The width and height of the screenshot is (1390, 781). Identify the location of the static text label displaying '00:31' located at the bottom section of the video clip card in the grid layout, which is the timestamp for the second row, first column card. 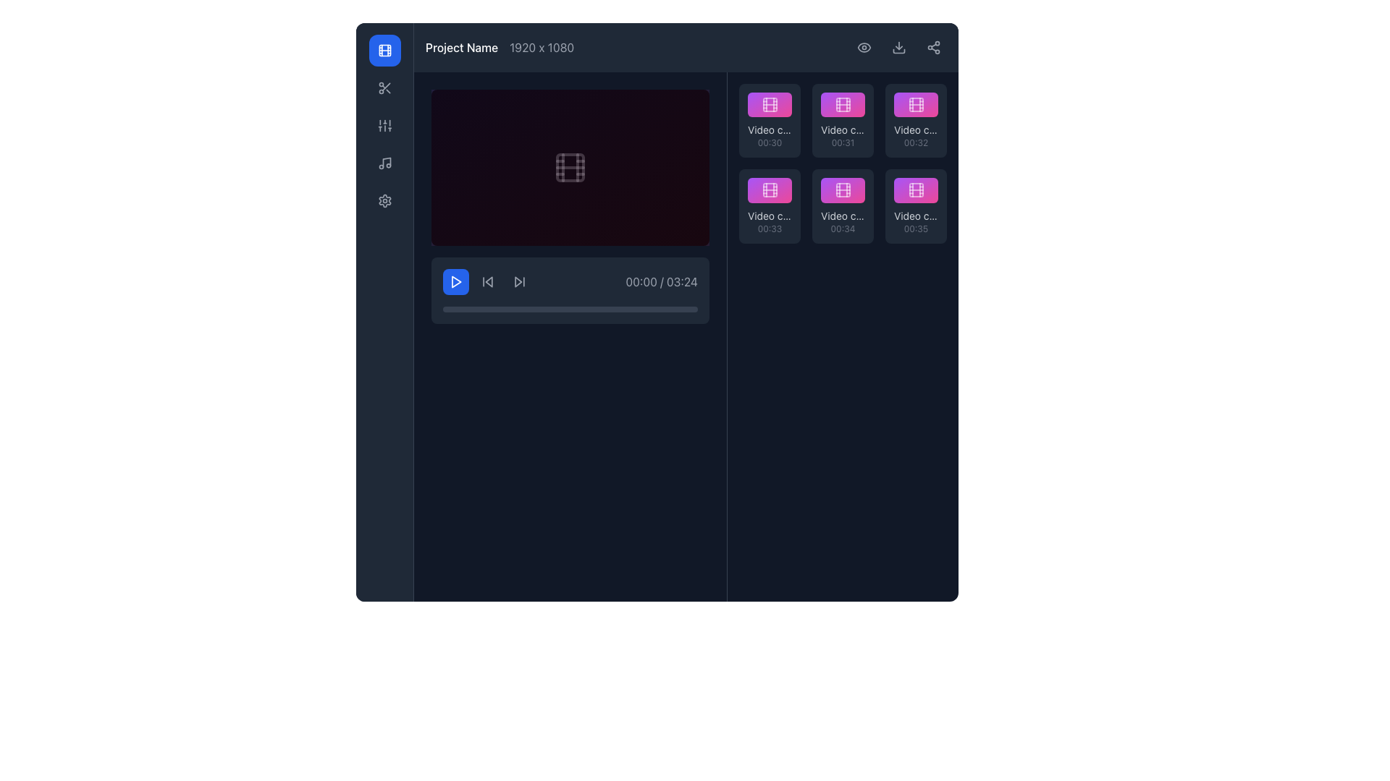
(843, 143).